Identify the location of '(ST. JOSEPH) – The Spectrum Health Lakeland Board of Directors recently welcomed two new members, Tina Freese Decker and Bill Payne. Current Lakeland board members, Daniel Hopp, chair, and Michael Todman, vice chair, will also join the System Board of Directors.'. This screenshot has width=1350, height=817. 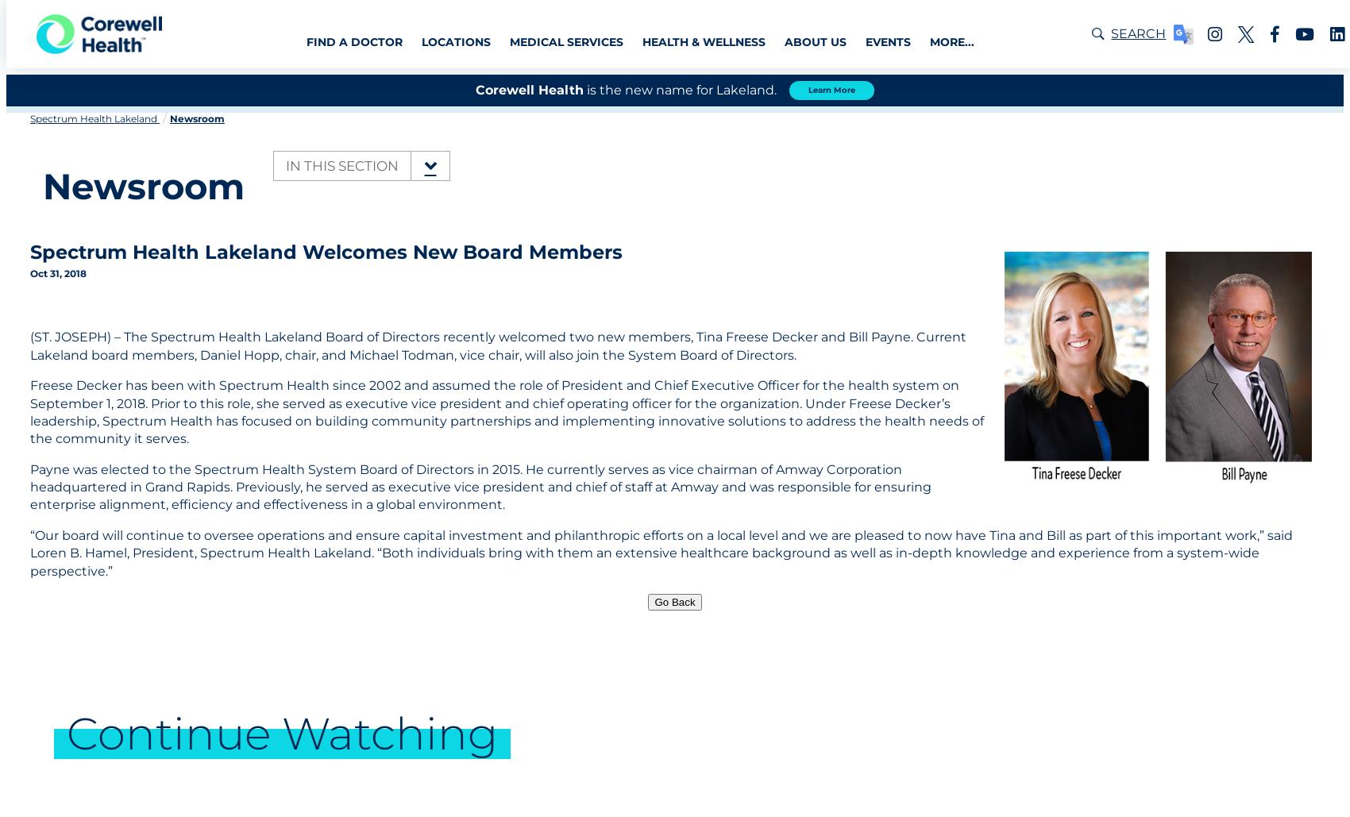
(497, 345).